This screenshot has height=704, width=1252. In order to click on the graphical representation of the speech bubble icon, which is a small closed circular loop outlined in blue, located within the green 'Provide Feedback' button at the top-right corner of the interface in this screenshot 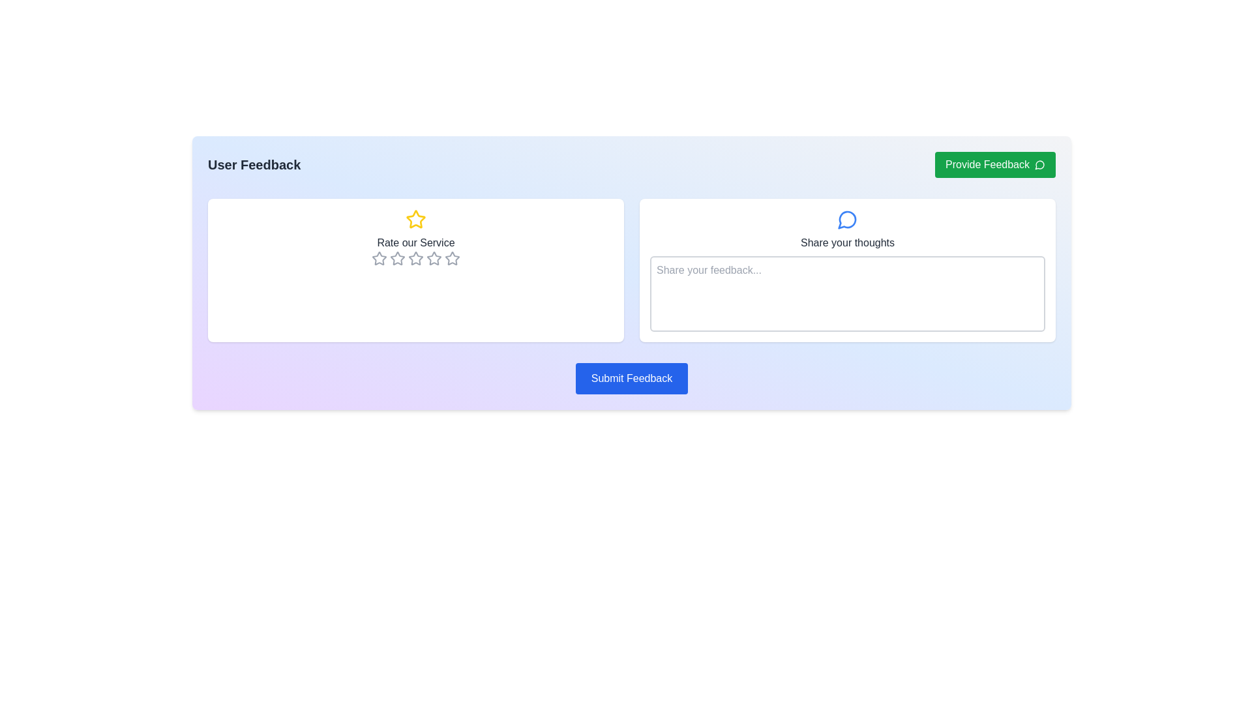, I will do `click(1039, 164)`.